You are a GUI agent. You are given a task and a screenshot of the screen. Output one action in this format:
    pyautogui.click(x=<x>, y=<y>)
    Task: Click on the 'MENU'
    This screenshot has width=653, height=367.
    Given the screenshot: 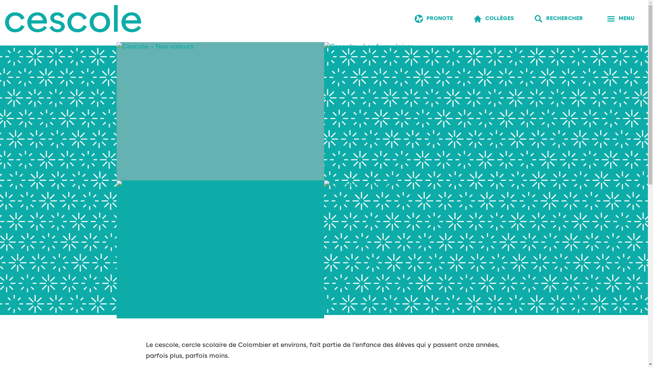 What is the action you would take?
    pyautogui.click(x=620, y=18)
    